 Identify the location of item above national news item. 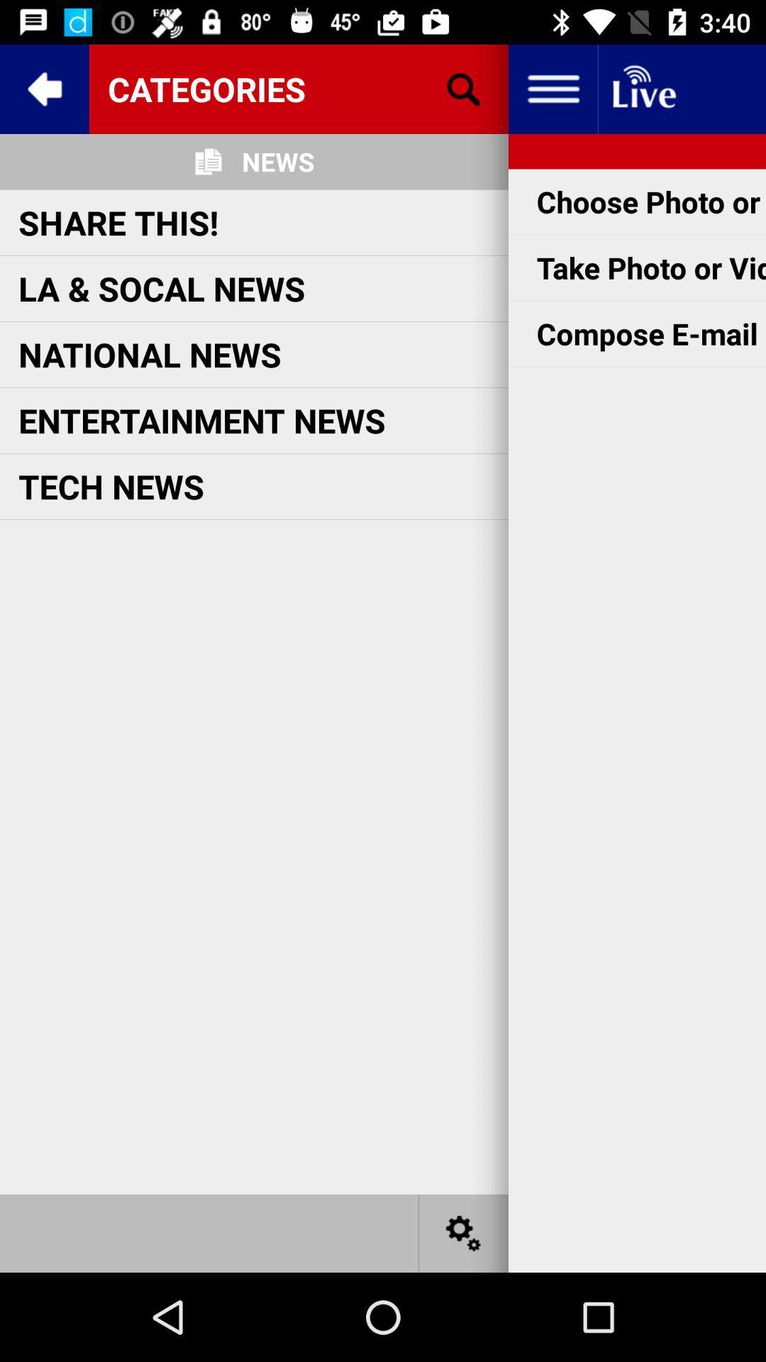
(161, 287).